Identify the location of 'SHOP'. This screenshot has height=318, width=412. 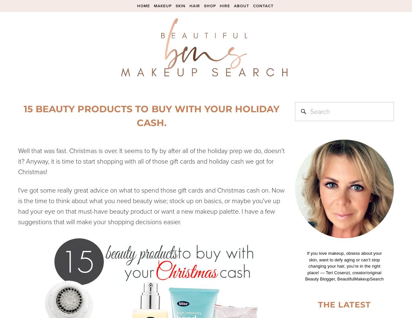
(210, 5).